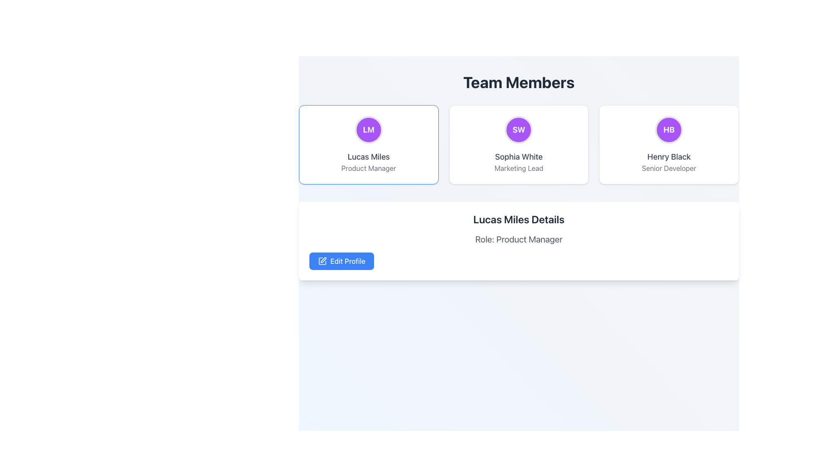 The width and height of the screenshot is (839, 471). What do you see at coordinates (519, 218) in the screenshot?
I see `the heading text that indicates the content pertains to Lucas Miles, located above the 'Role: Product Manager' text` at bounding box center [519, 218].